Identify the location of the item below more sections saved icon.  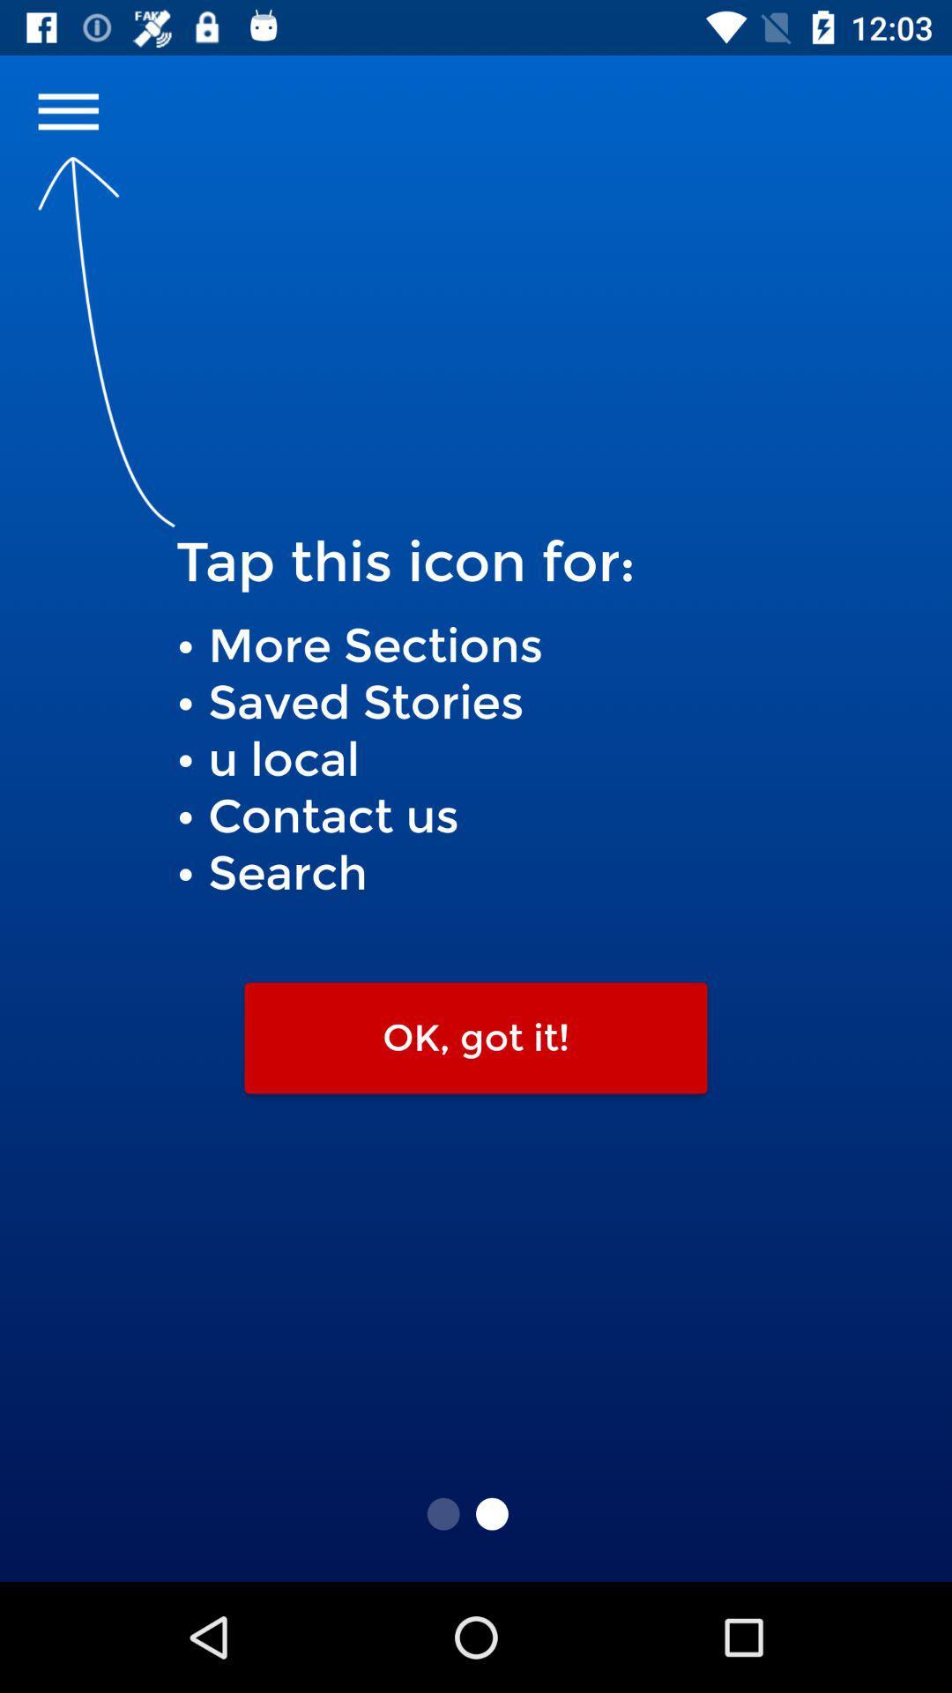
(476, 1038).